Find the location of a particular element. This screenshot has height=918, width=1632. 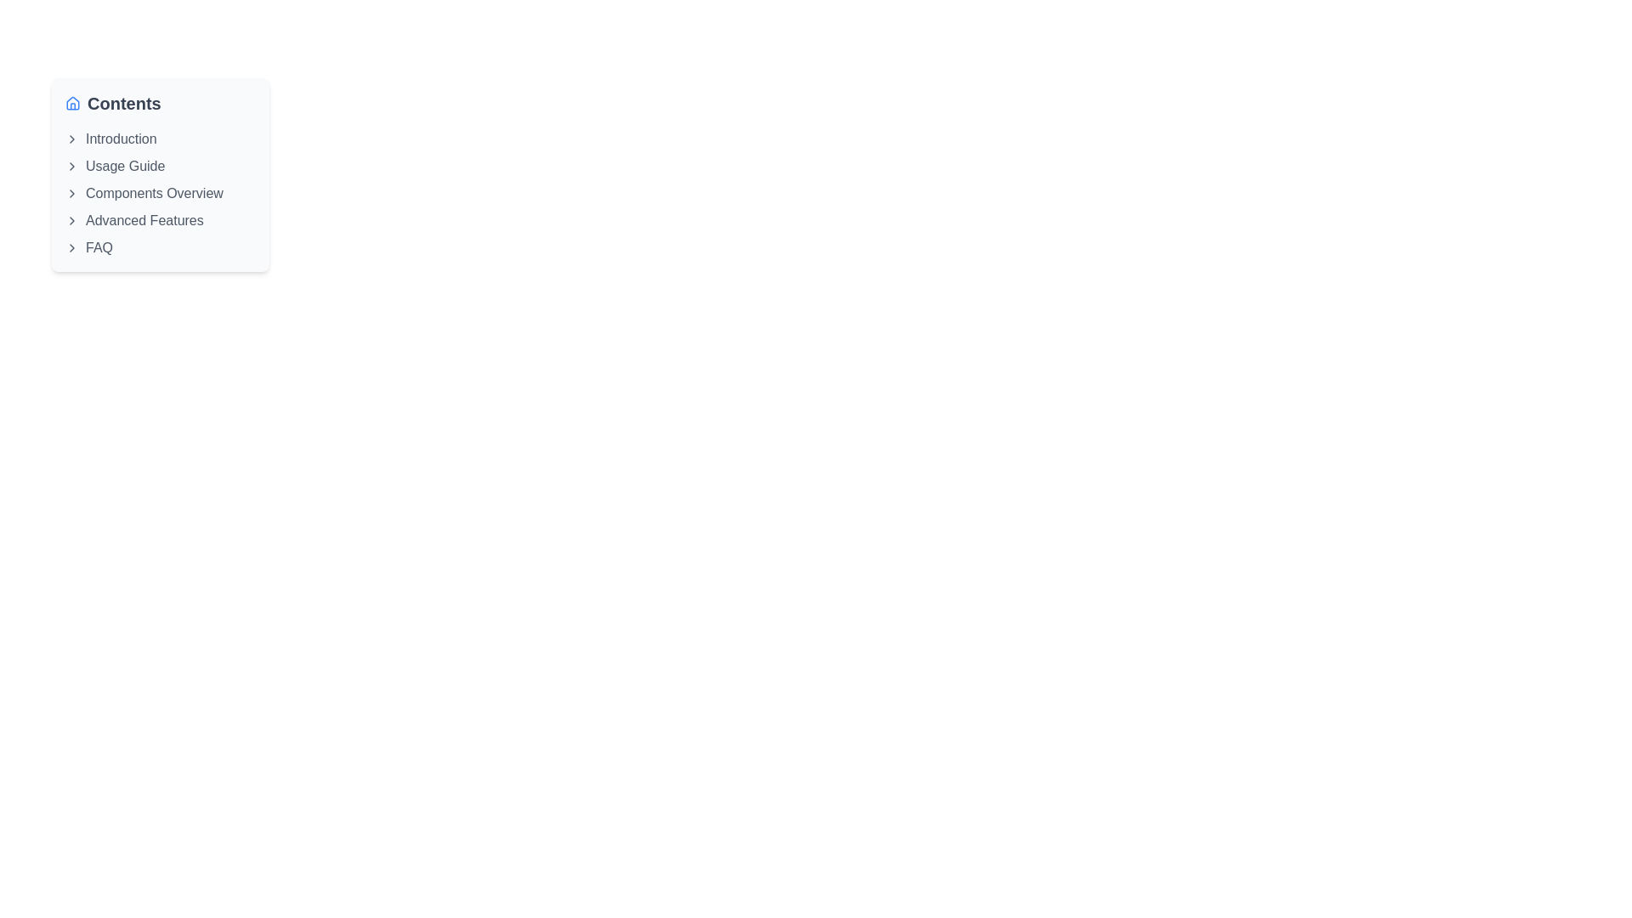

the rightward-pointing chevron icon adjacent to the text 'Components Overview' in the sidebar is located at coordinates (71, 192).